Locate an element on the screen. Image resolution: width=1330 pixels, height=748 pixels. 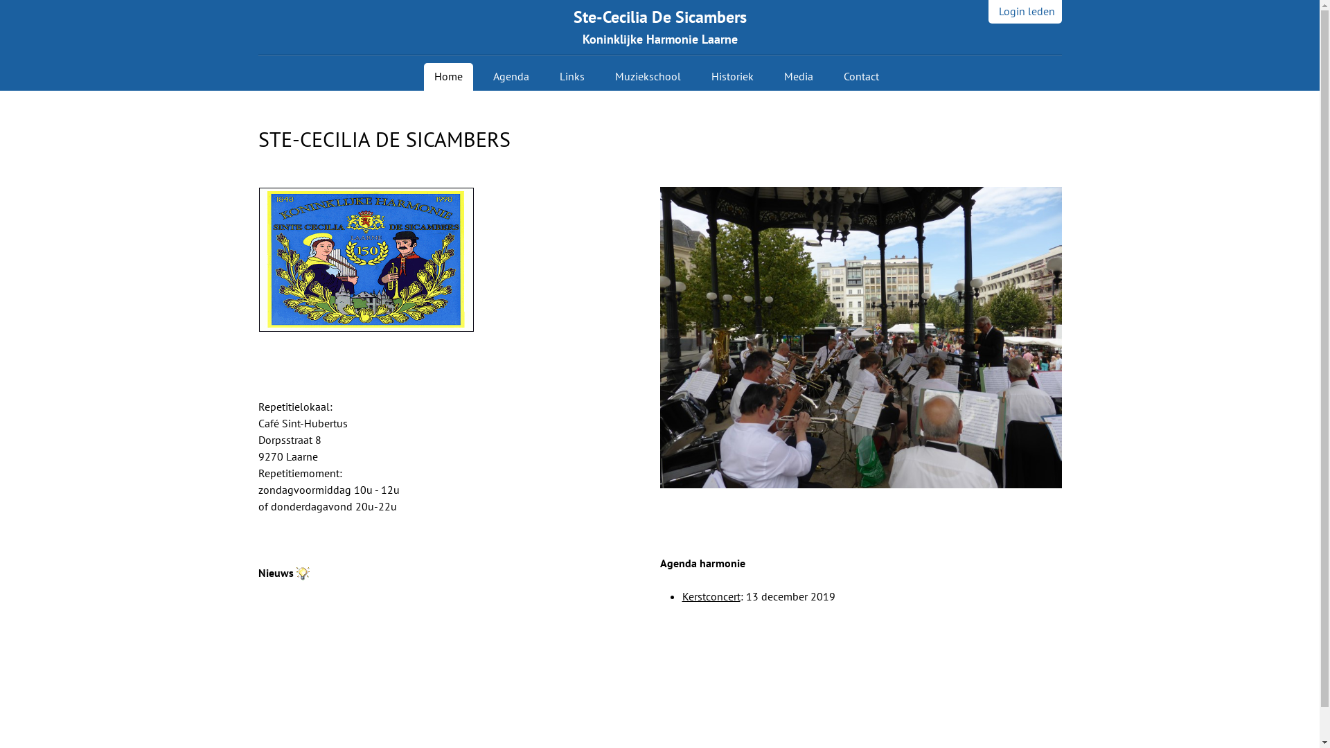
'Muziekschool' is located at coordinates (604, 77).